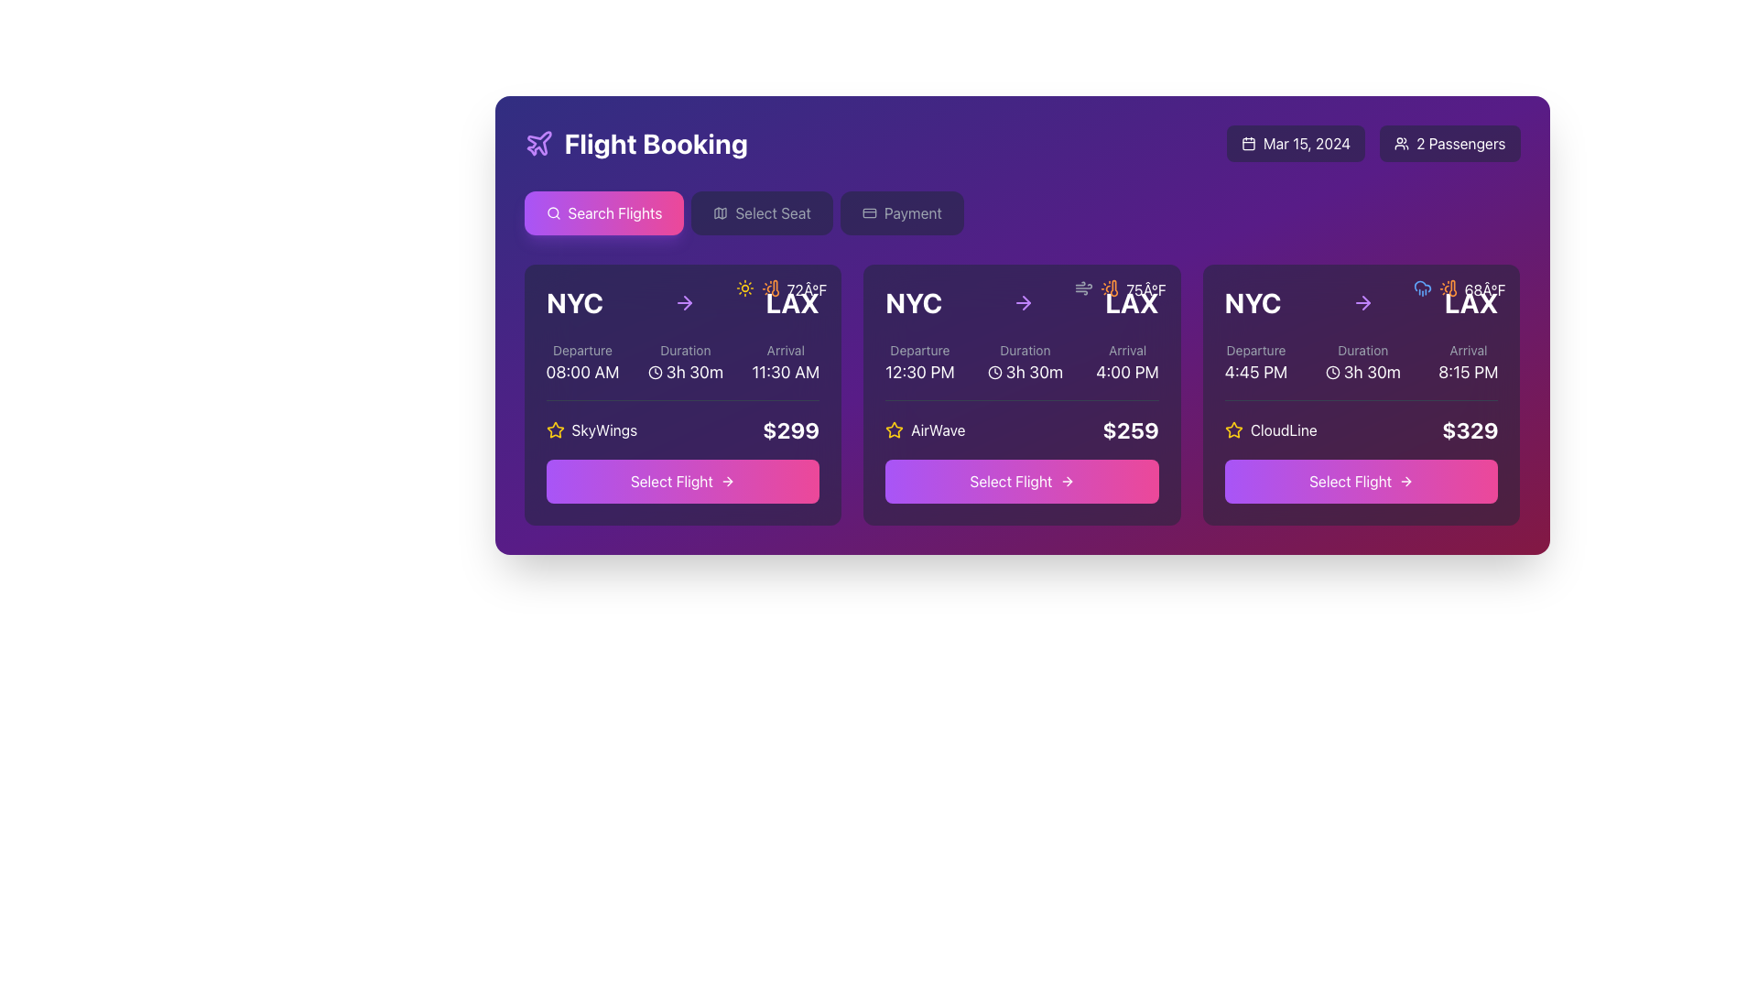 This screenshot has width=1758, height=989. What do you see at coordinates (1024, 364) in the screenshot?
I see `the 'Duration' text with the clock icon, which displays '3h 30m' in a larger font against a purple background` at bounding box center [1024, 364].